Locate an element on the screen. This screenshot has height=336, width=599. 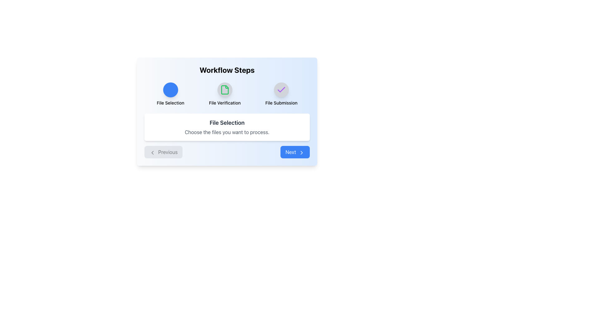
the text label that reads 'File Selection', which is styled in bold, medium size, and dark color, located in the center of the white rounded rectangular area under the 'Workflow Steps' title is located at coordinates (227, 123).